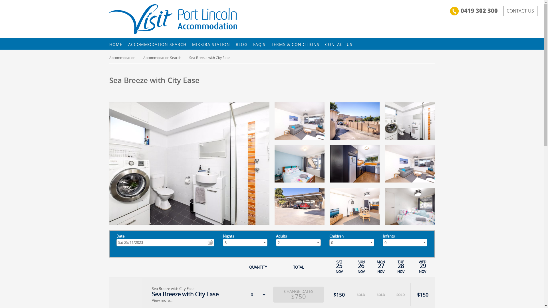 Image resolution: width=548 pixels, height=308 pixels. Describe the element at coordinates (338, 44) in the screenshot. I see `'CONTACT US'` at that location.